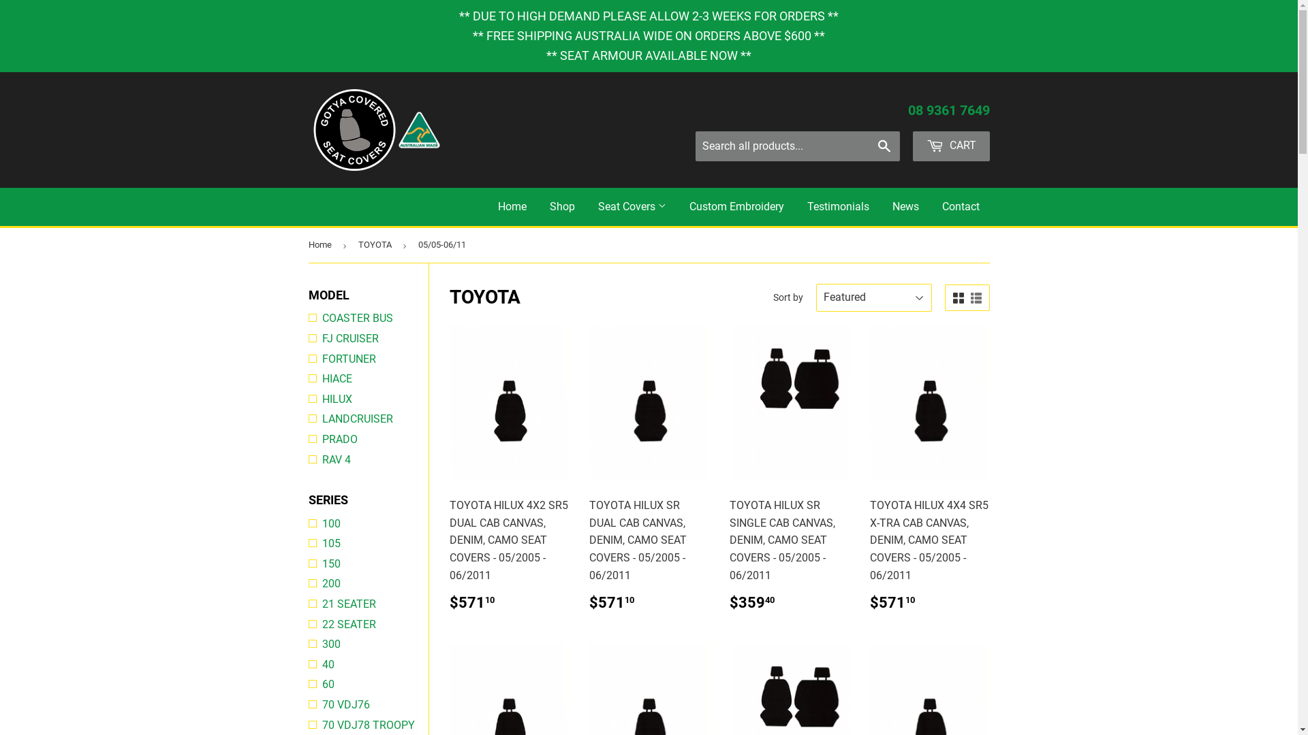  Describe the element at coordinates (307, 704) in the screenshot. I see `'70 VDJ76'` at that location.